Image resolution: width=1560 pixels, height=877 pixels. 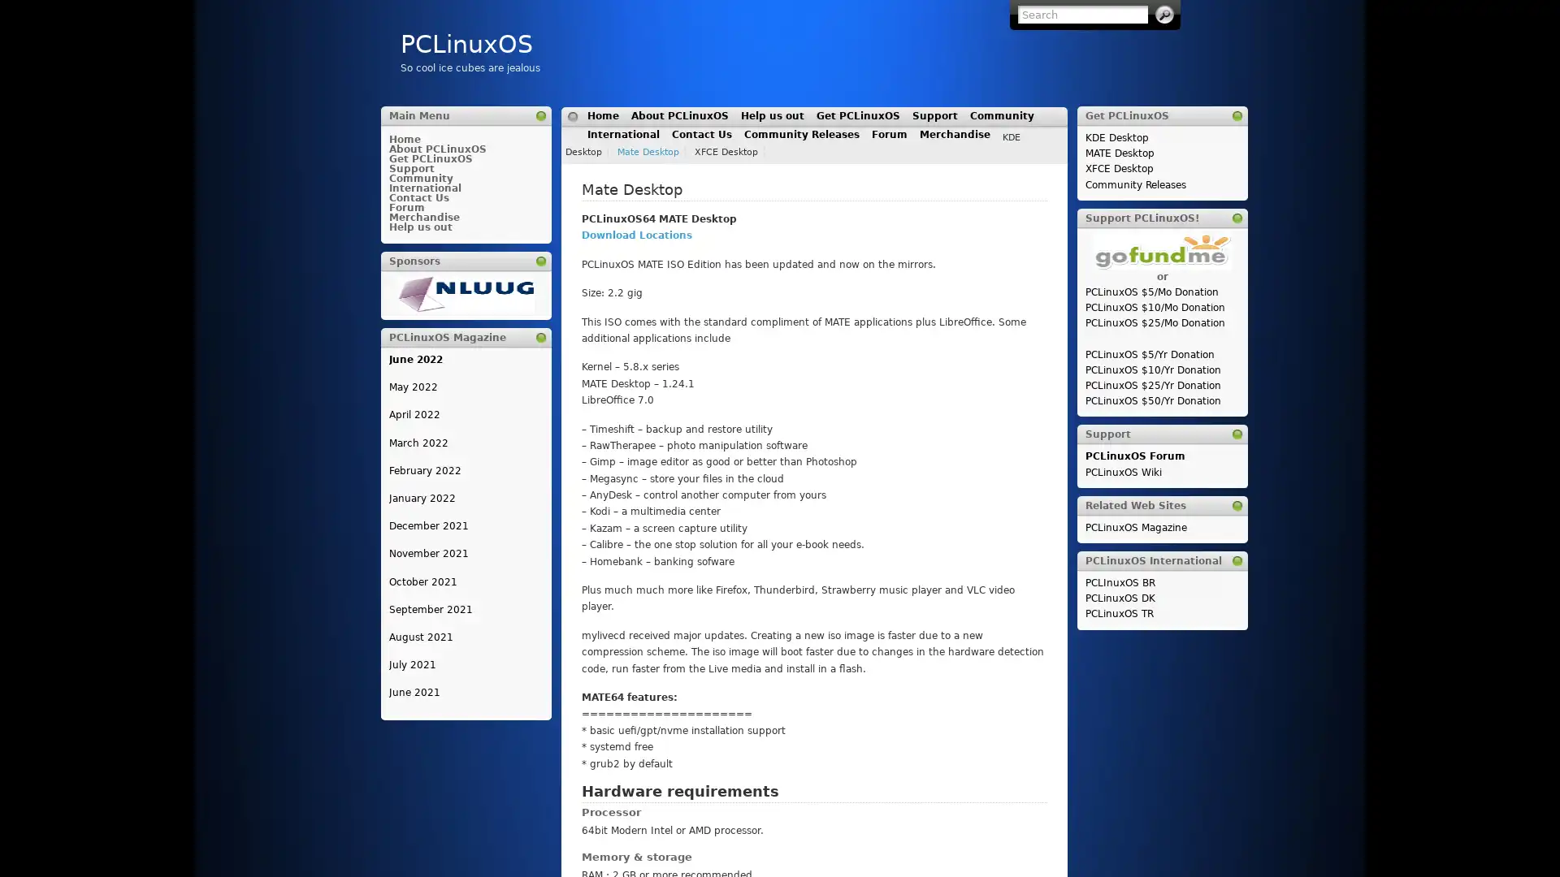 I want to click on Go, so click(x=1163, y=15).